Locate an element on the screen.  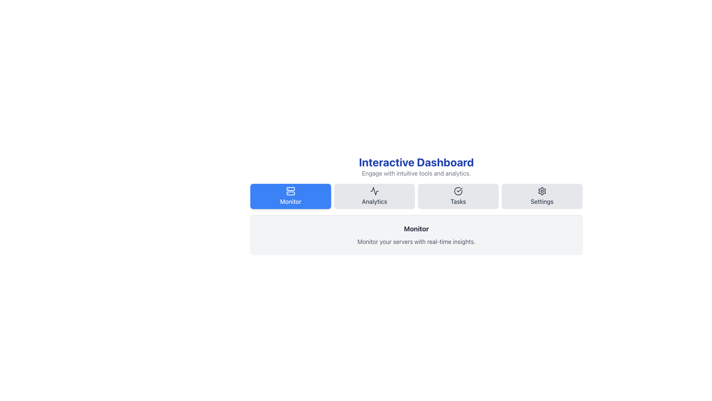
the 'Settings' button, which is the fourth button from the left on the toolbar is located at coordinates (542, 196).